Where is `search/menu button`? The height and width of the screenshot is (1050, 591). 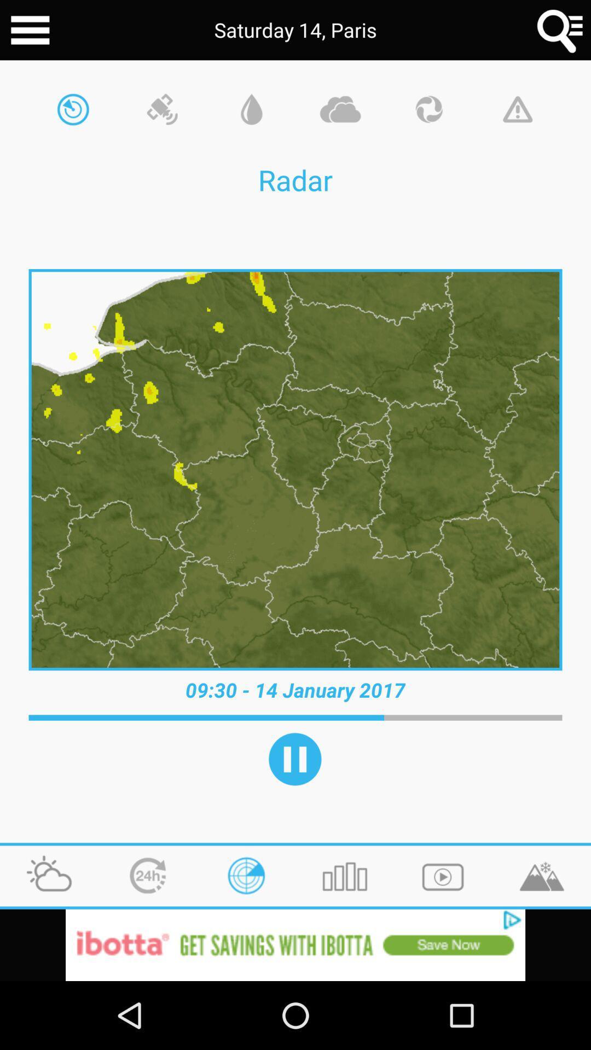 search/menu button is located at coordinates (560, 30).